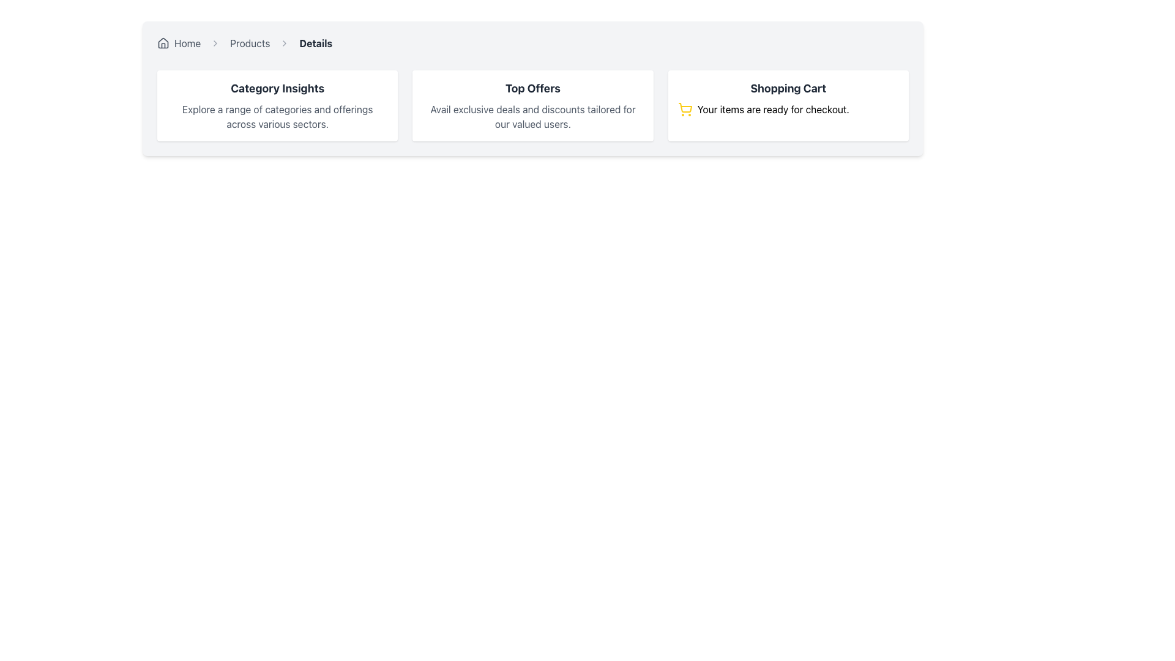 The height and width of the screenshot is (661, 1175). What do you see at coordinates (277, 105) in the screenshot?
I see `the information displayed on the informational card located in the first column of the three-column grid layout, positioned directly to the right of the breadcrumb navigation` at bounding box center [277, 105].